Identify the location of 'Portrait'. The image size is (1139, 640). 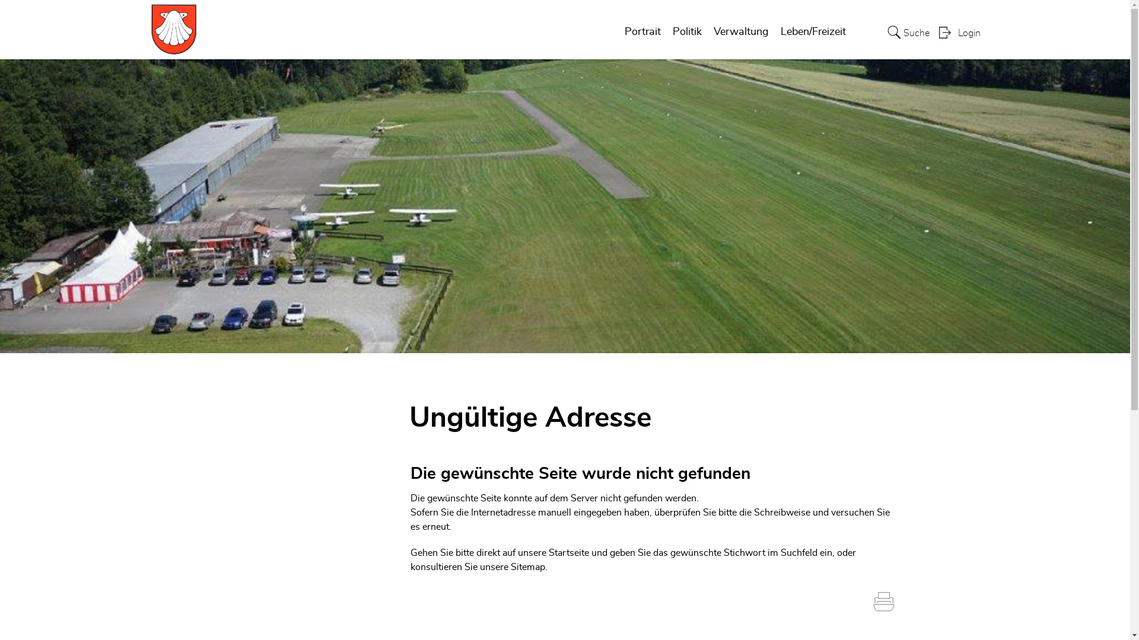
(641, 31).